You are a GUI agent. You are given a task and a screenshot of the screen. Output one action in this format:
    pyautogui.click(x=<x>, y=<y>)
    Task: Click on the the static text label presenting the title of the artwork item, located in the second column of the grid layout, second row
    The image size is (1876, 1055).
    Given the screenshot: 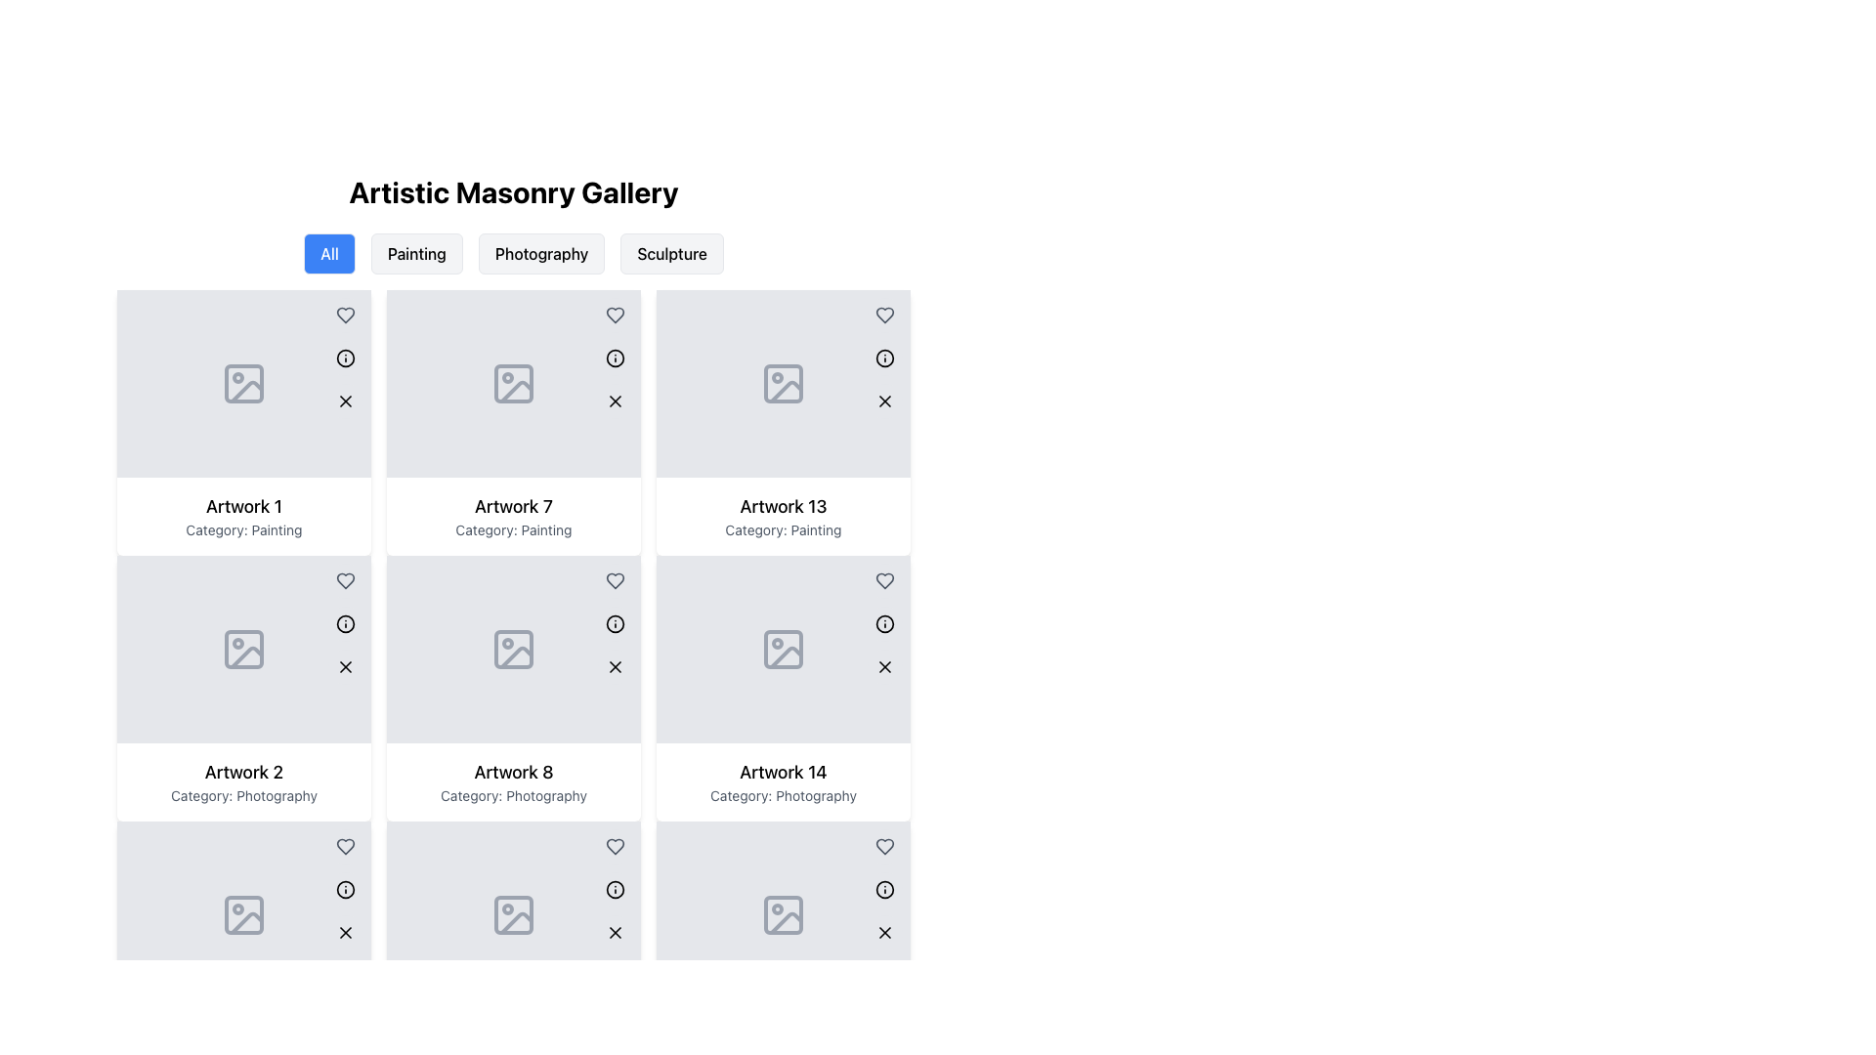 What is the action you would take?
    pyautogui.click(x=514, y=506)
    